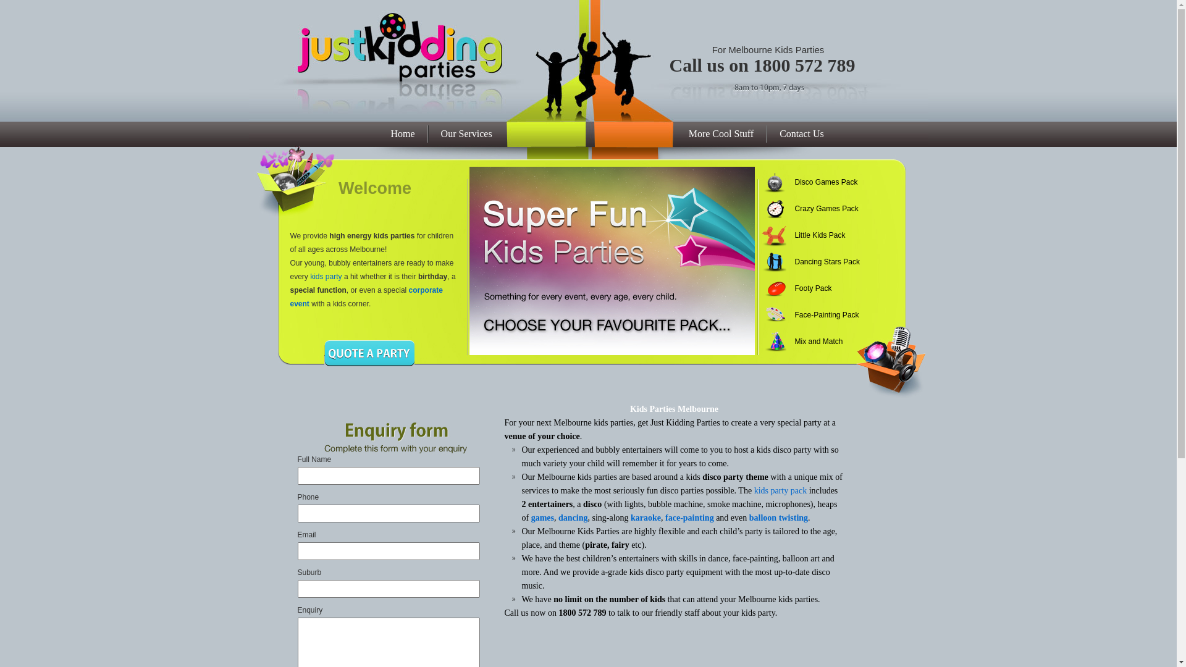 The height and width of the screenshot is (667, 1186). Describe the element at coordinates (466, 133) in the screenshot. I see `'Our Services'` at that location.